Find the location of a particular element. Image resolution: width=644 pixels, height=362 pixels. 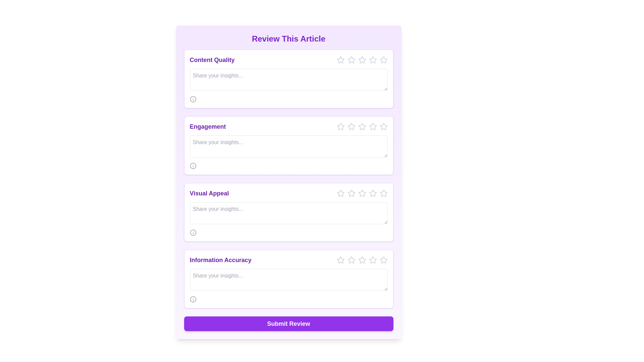

the fourth star in the rating system to give a four-star rating for 'Visual Appeal' is located at coordinates (362, 193).